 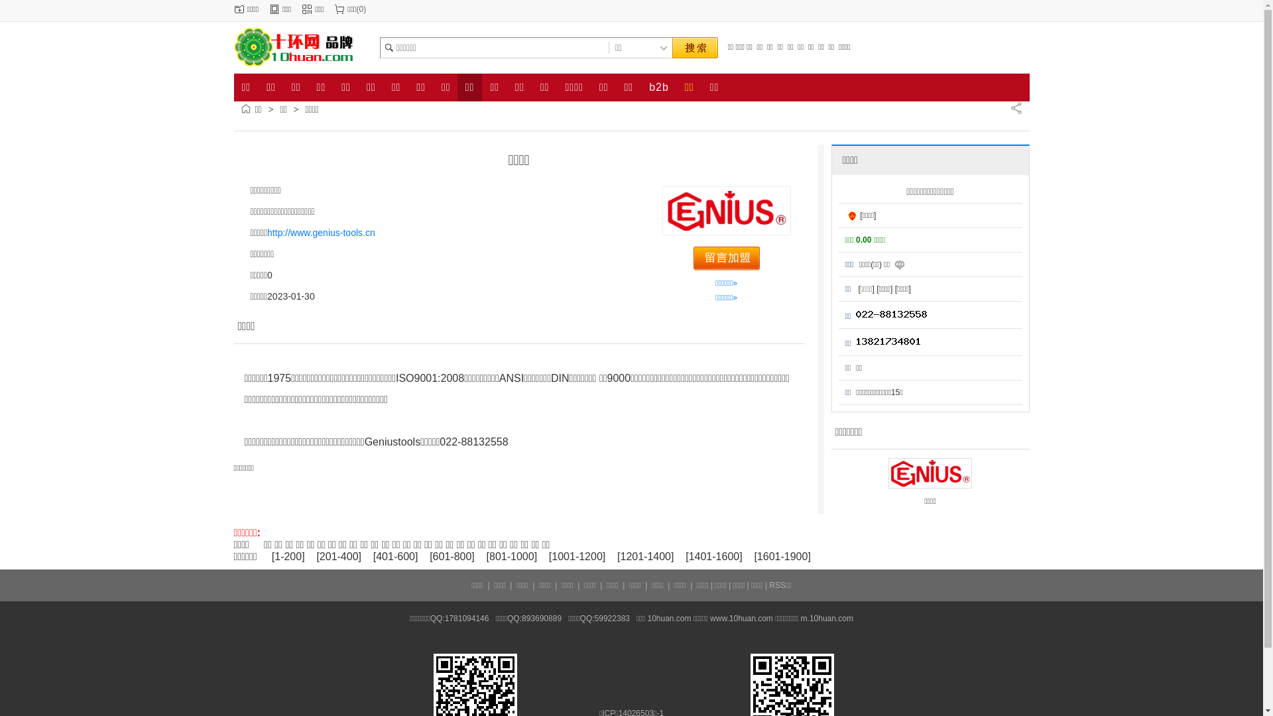 I want to click on 'http://www.genius-tools.cn', so click(x=321, y=232).